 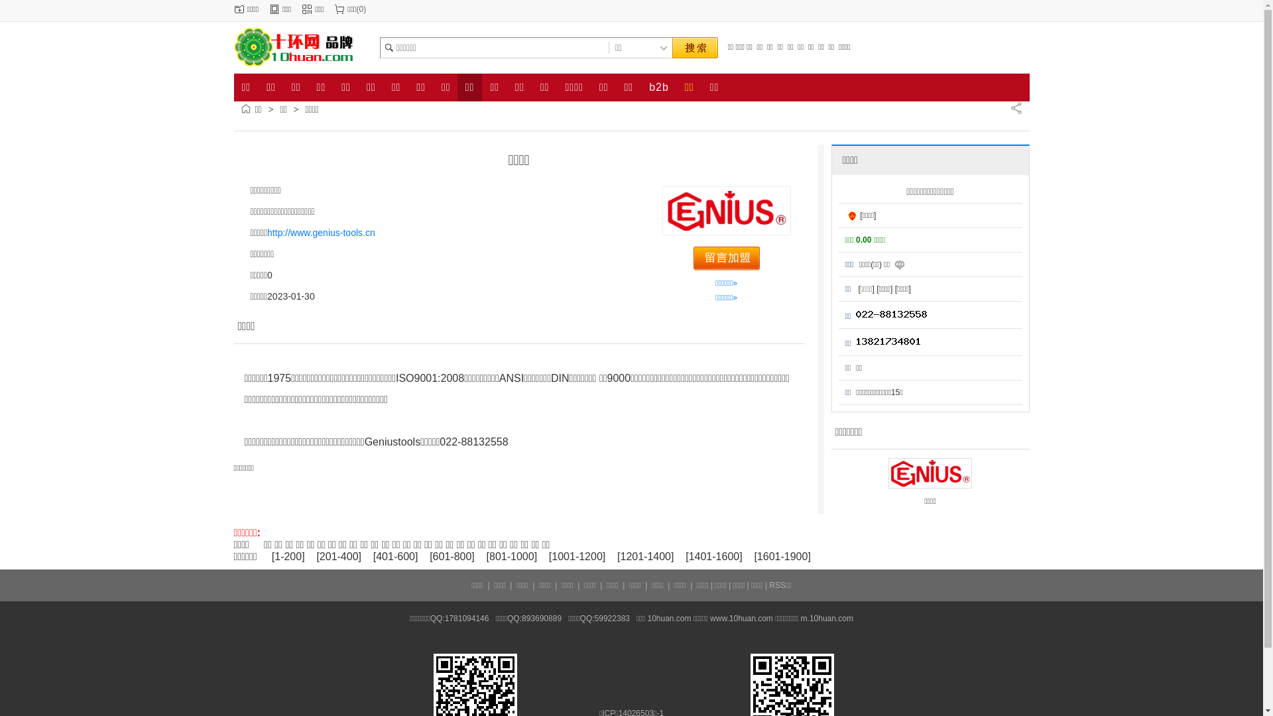 I want to click on 'http://www.genius-tools.cn', so click(x=321, y=232).